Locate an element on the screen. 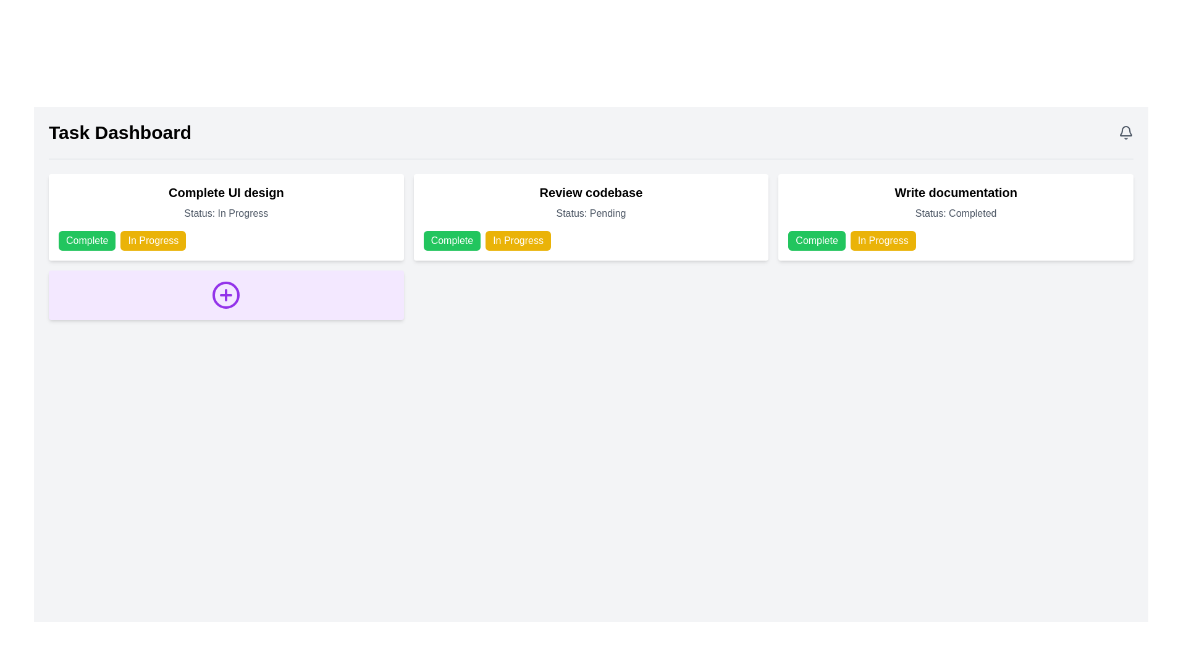 This screenshot has width=1186, height=667. the action buttons within the Task Card located in the upper-left section of the dashboard, which displays the title and current status of the task is located at coordinates (225, 216).